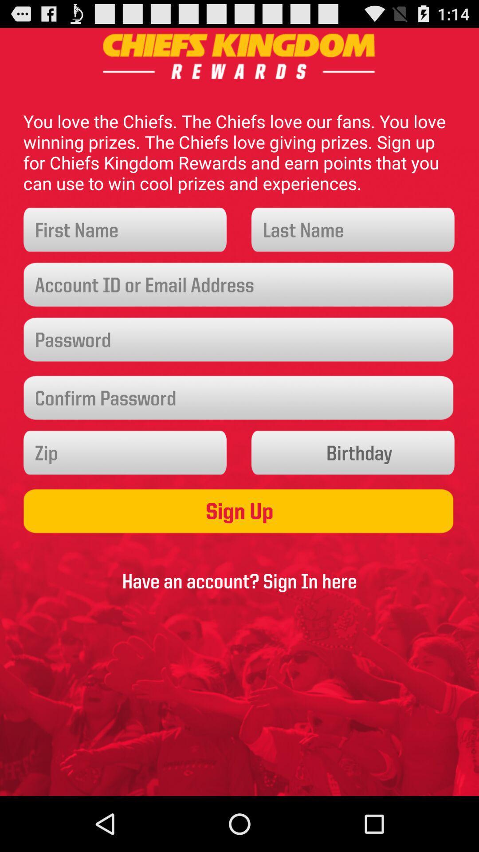 Image resolution: width=479 pixels, height=852 pixels. What do you see at coordinates (126, 453) in the screenshot?
I see `zip code` at bounding box center [126, 453].